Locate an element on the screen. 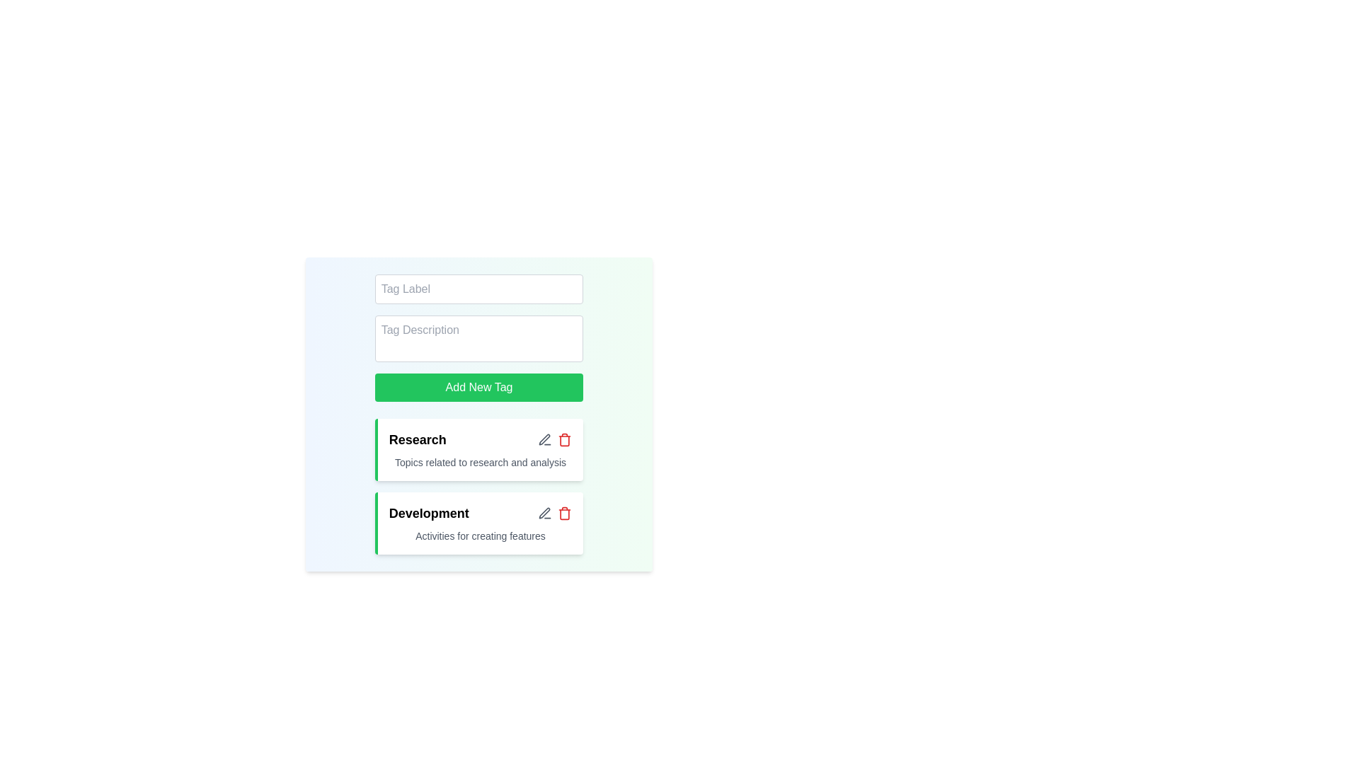  the title 'Development' in the Information panel is located at coordinates (478, 523).